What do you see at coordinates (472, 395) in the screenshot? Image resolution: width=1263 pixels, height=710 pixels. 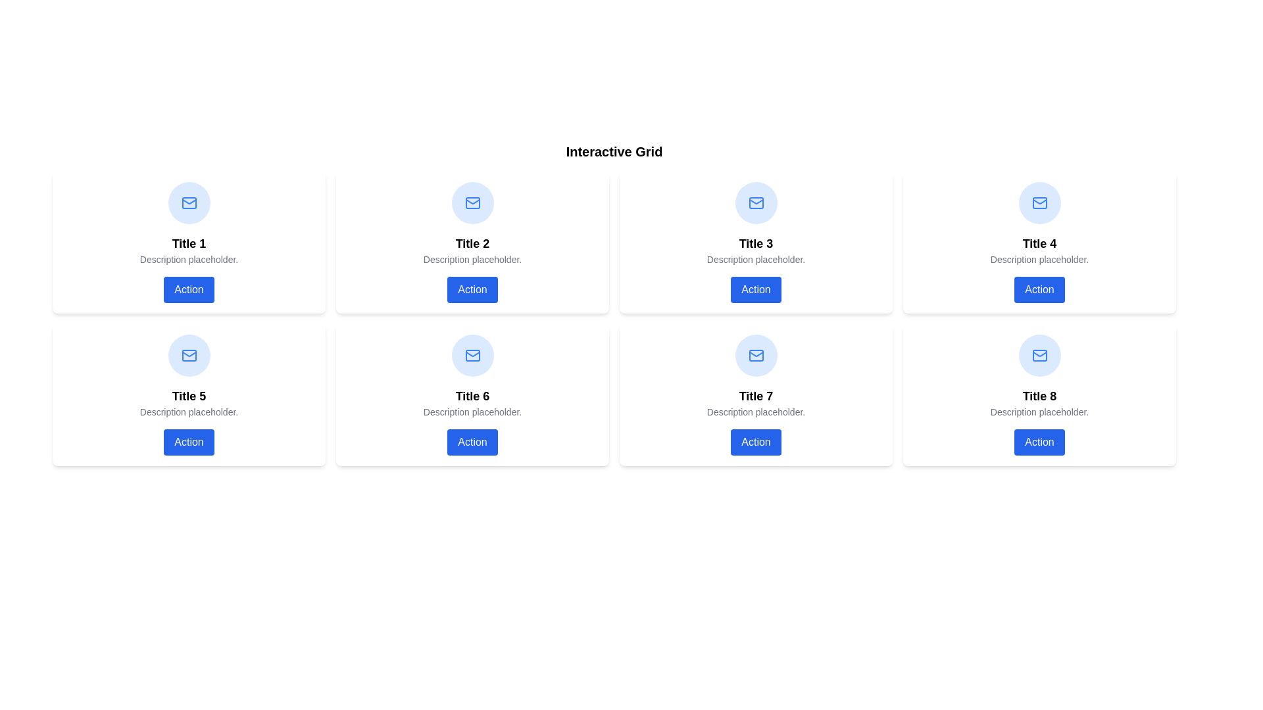 I see `the main title text component located in the second row and first column of the grid layout, which serves as a heading for the card` at bounding box center [472, 395].